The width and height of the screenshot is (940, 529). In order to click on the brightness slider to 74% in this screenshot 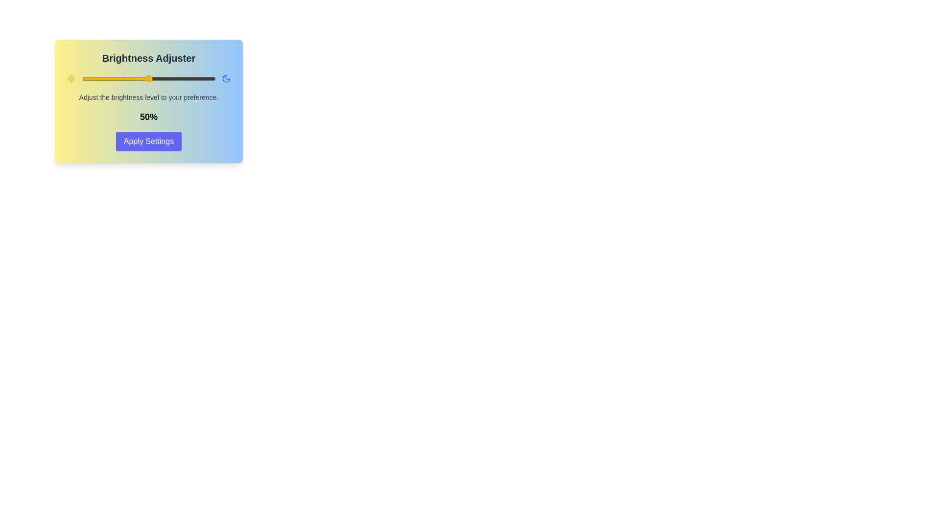, I will do `click(181, 78)`.